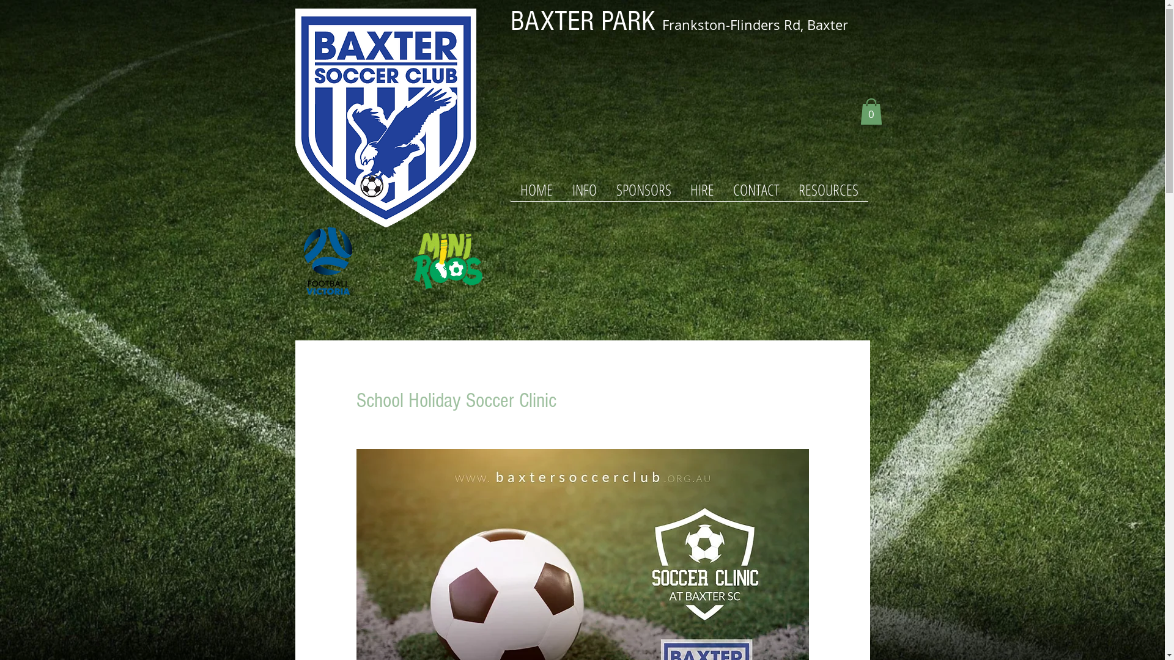 The height and width of the screenshot is (660, 1174). What do you see at coordinates (607, 193) in the screenshot?
I see `'SPONSORS'` at bounding box center [607, 193].